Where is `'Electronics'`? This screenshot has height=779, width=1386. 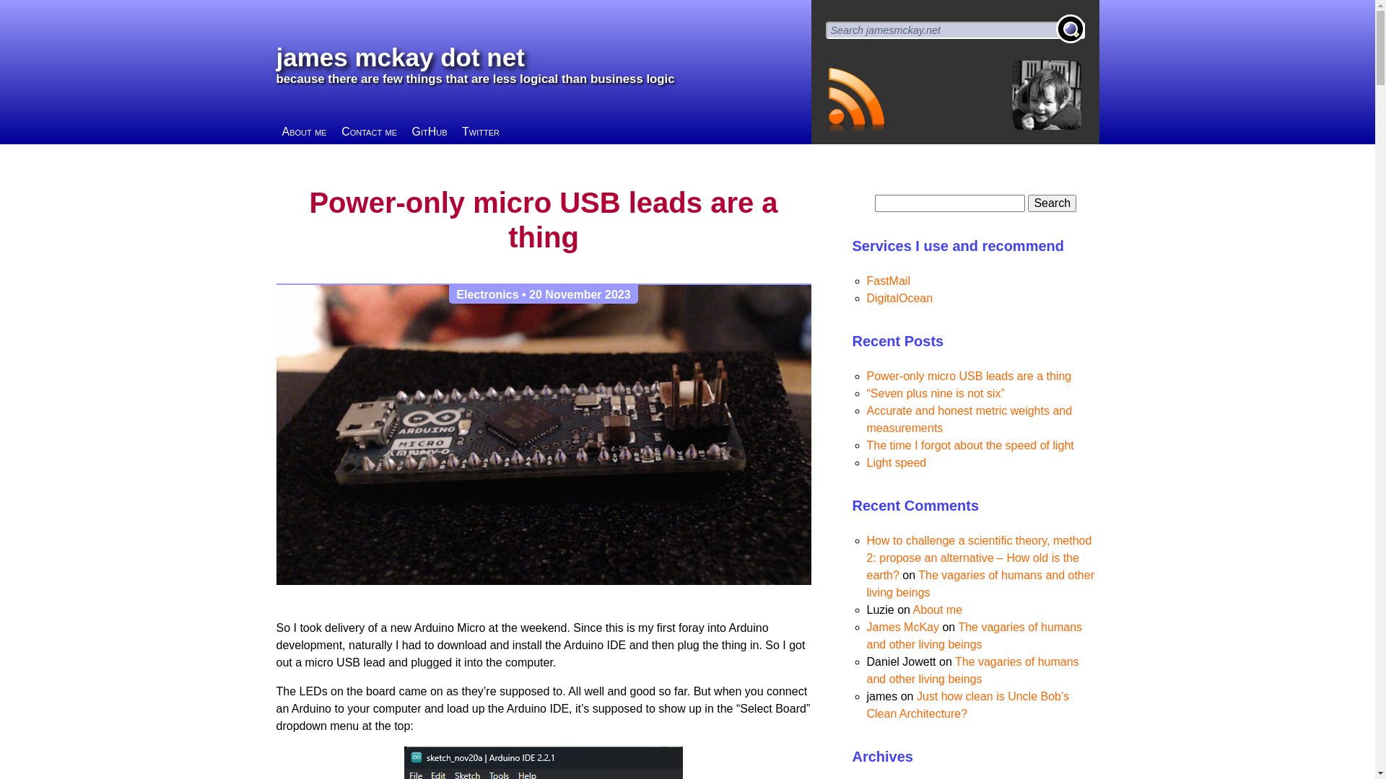 'Electronics' is located at coordinates (487, 294).